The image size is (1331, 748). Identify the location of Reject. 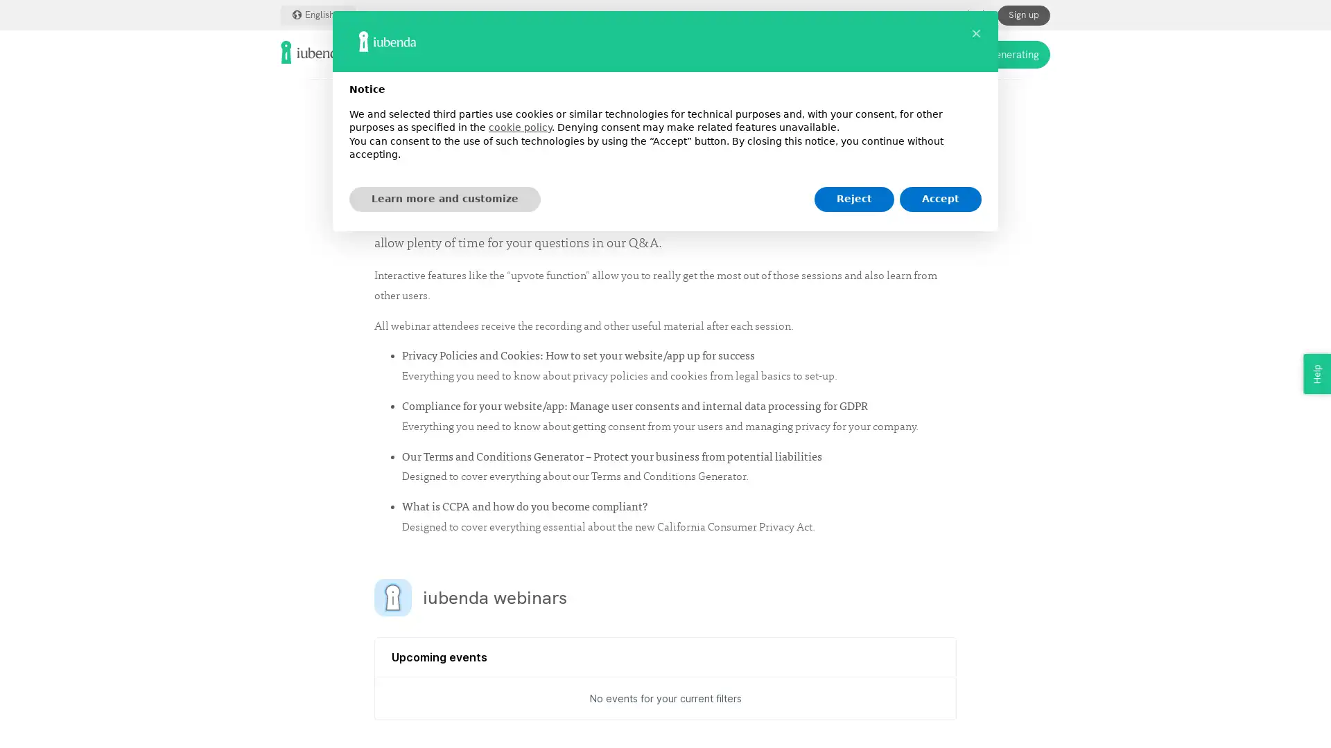
(853, 198).